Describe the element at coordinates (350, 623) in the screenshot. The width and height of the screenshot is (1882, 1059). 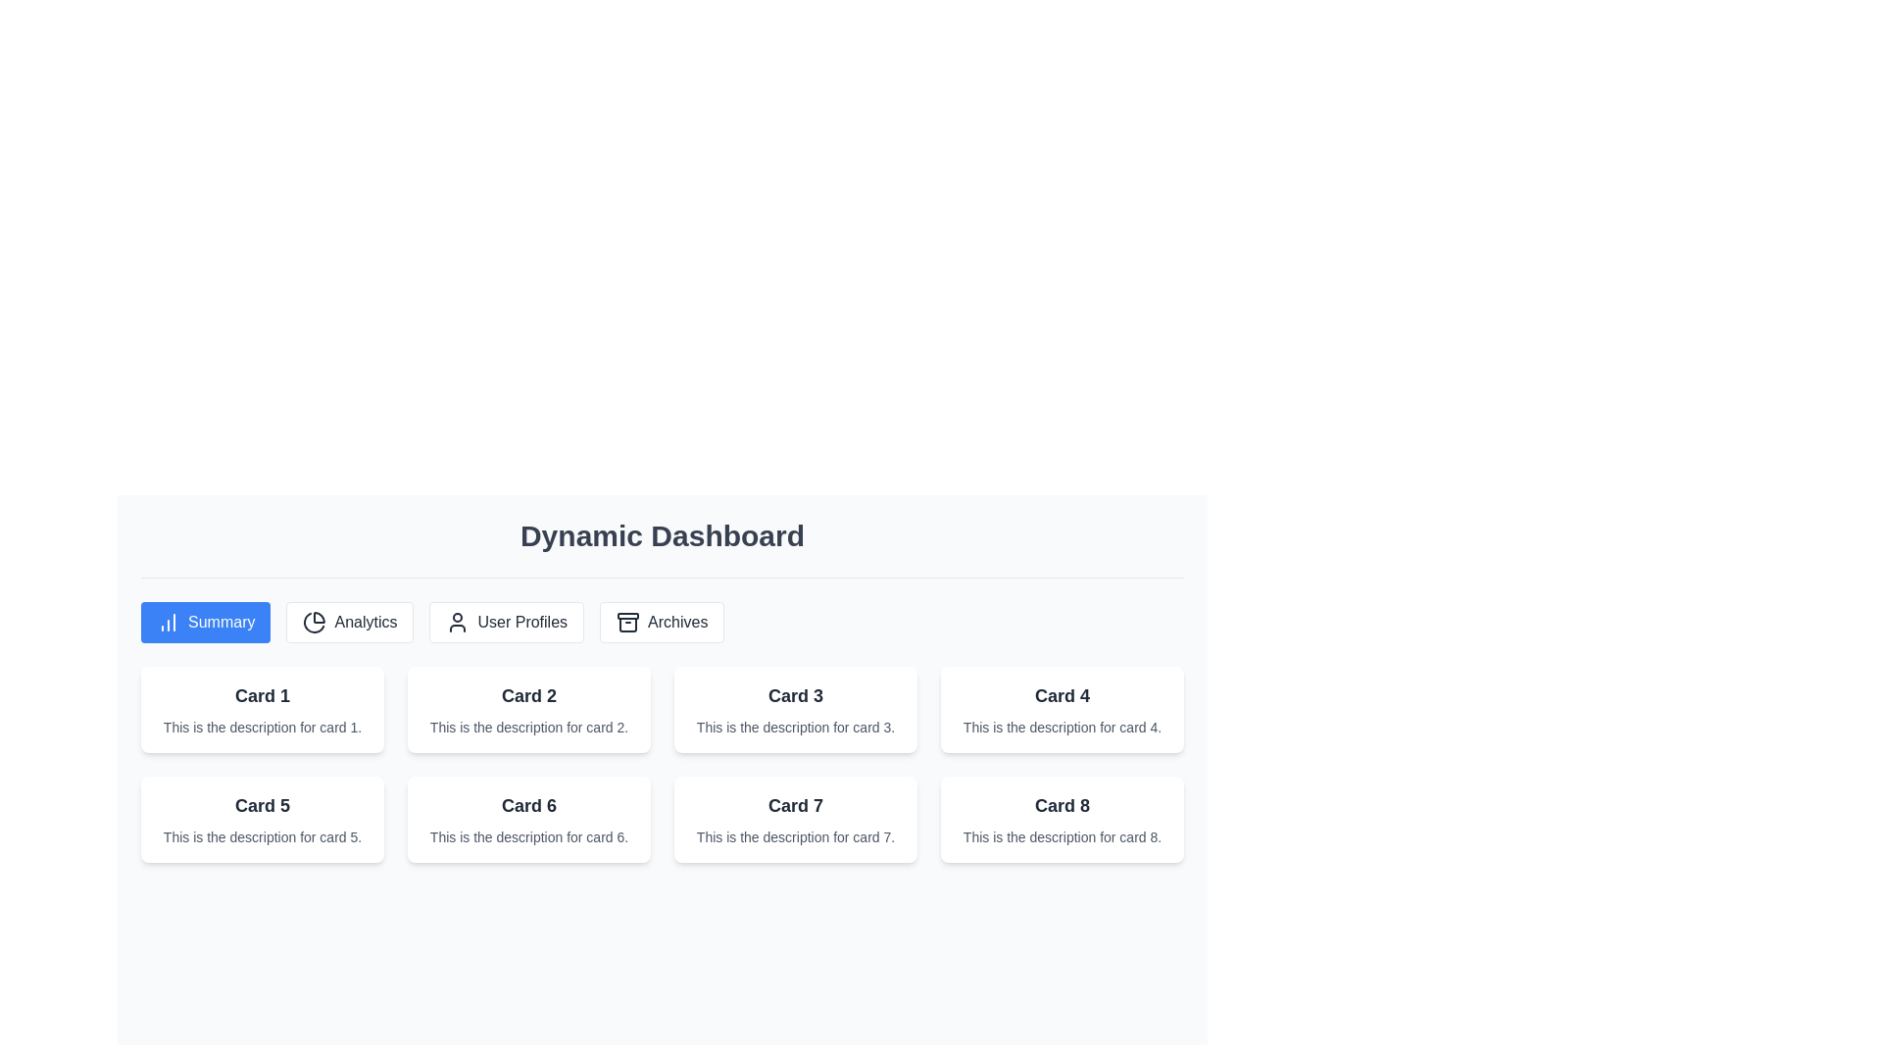
I see `the 'Analytics' button, which is a rectangular button with rounded corners, a white background, a gray border, and contains an icon resembling a pie chart followed by the text 'Analytics'` at that location.